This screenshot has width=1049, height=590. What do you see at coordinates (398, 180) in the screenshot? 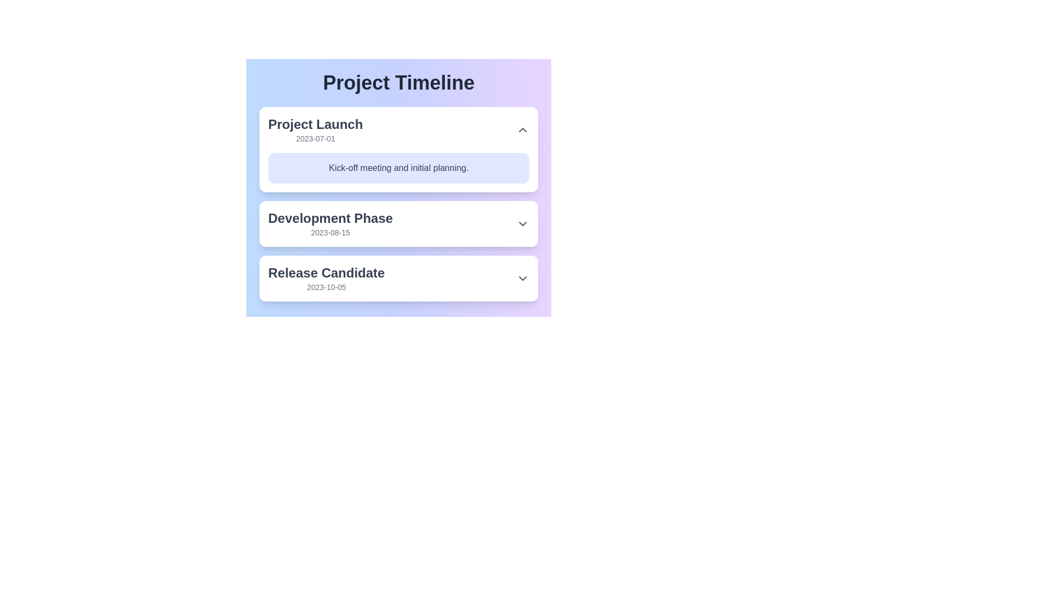
I see `the first phase card in the project timeline, which displays the phase title, date, and description` at bounding box center [398, 180].